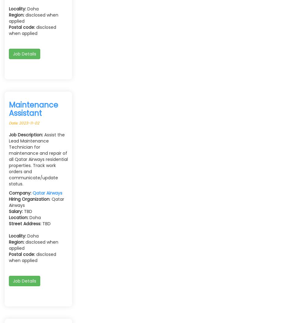  I want to click on 'Location:', so click(18, 217).